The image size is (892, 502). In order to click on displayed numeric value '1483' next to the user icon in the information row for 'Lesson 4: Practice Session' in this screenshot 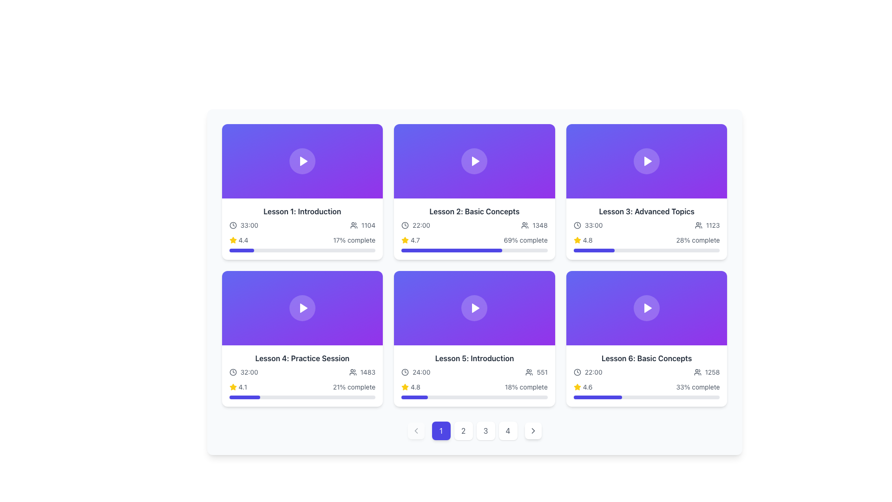, I will do `click(361, 372)`.